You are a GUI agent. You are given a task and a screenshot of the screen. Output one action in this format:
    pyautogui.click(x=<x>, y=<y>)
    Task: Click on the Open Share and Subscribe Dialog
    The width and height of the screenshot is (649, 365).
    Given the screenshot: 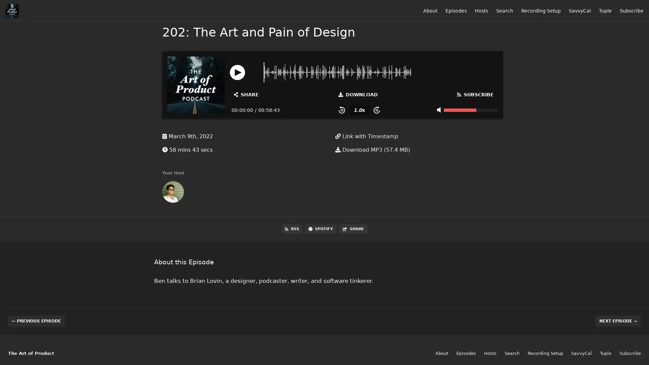 What is the action you would take?
    pyautogui.click(x=246, y=94)
    